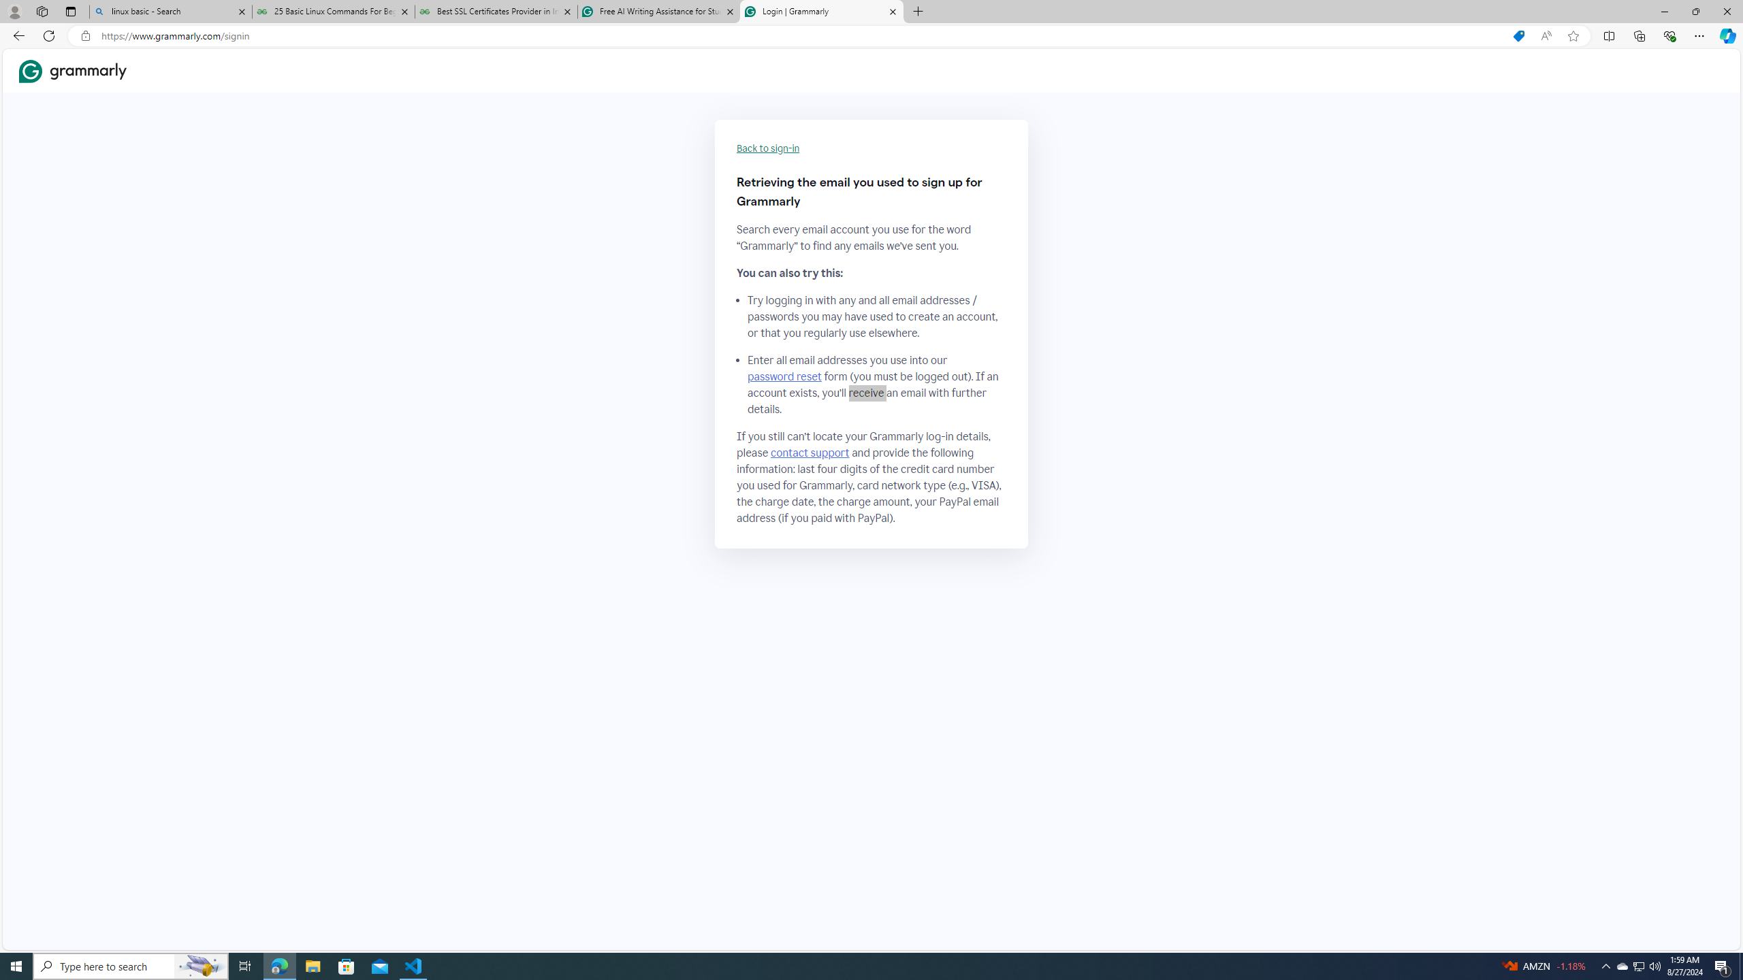 Image resolution: width=1743 pixels, height=980 pixels. Describe the element at coordinates (658, 11) in the screenshot. I see `'Free AI Writing Assistance for Students | Grammarly'` at that location.